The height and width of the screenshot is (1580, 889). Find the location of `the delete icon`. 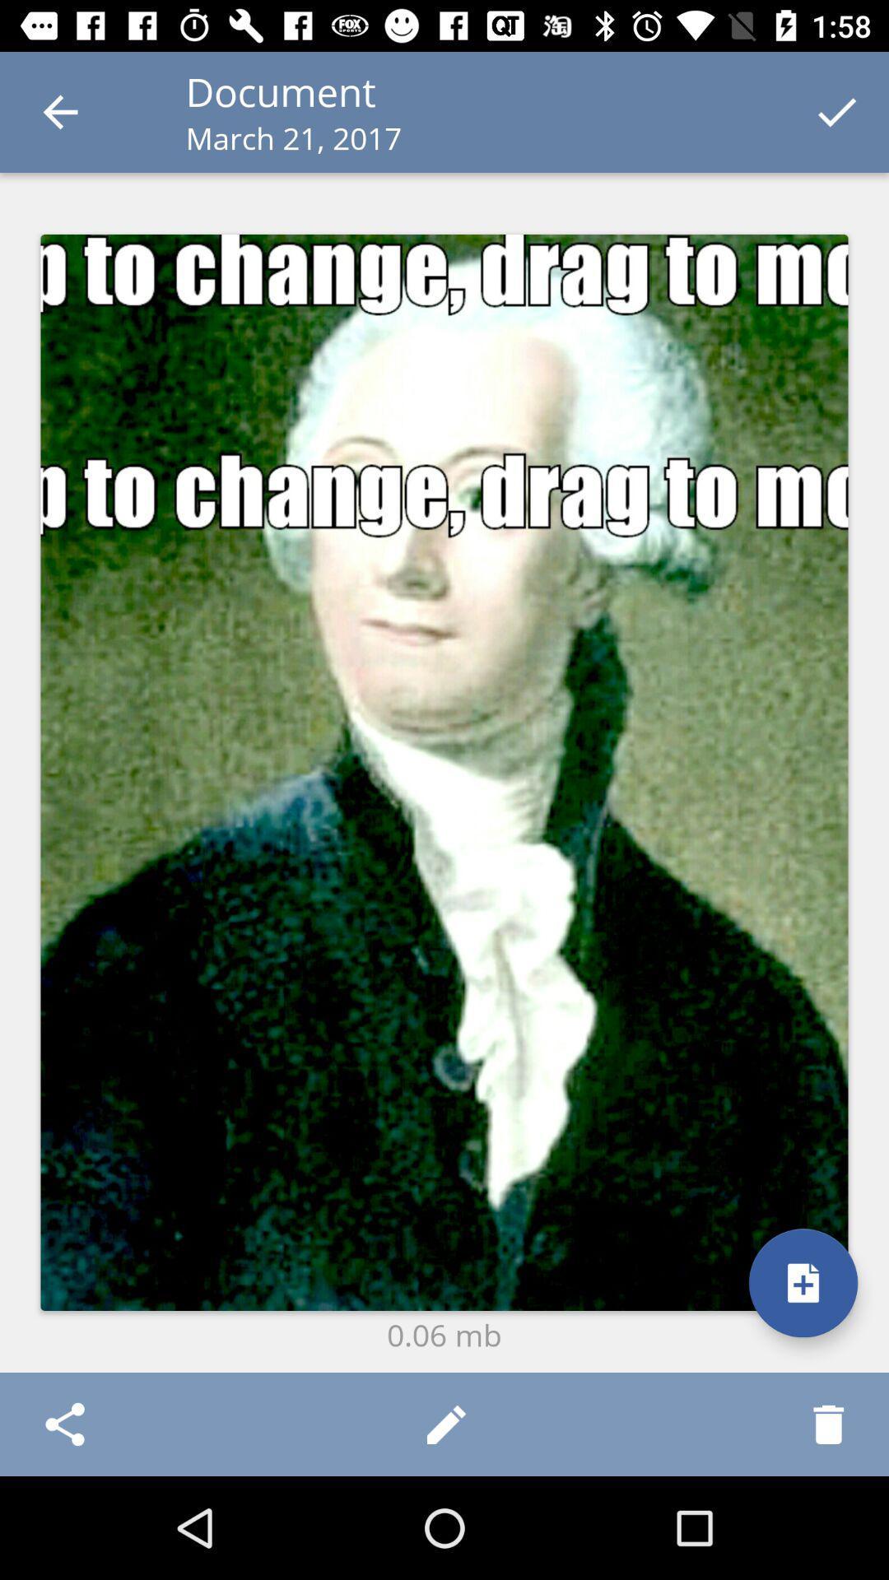

the delete icon is located at coordinates (828, 1424).